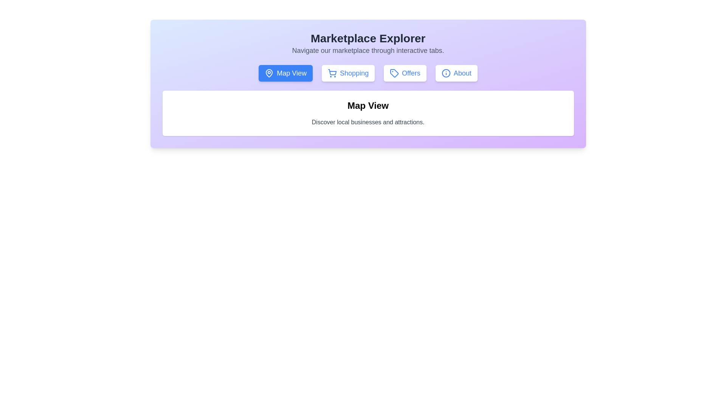  Describe the element at coordinates (285, 73) in the screenshot. I see `the tab labeled Map View` at that location.